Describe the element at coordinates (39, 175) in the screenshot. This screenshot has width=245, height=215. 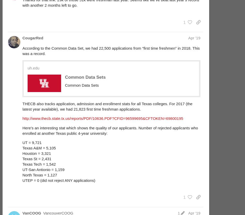
I see `'North Texas = 1,127'` at that location.